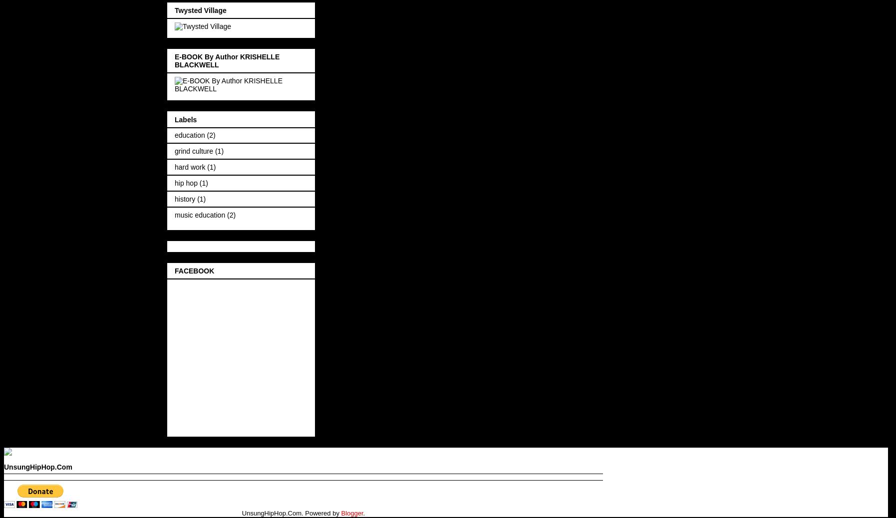  I want to click on 'Labels', so click(175, 119).